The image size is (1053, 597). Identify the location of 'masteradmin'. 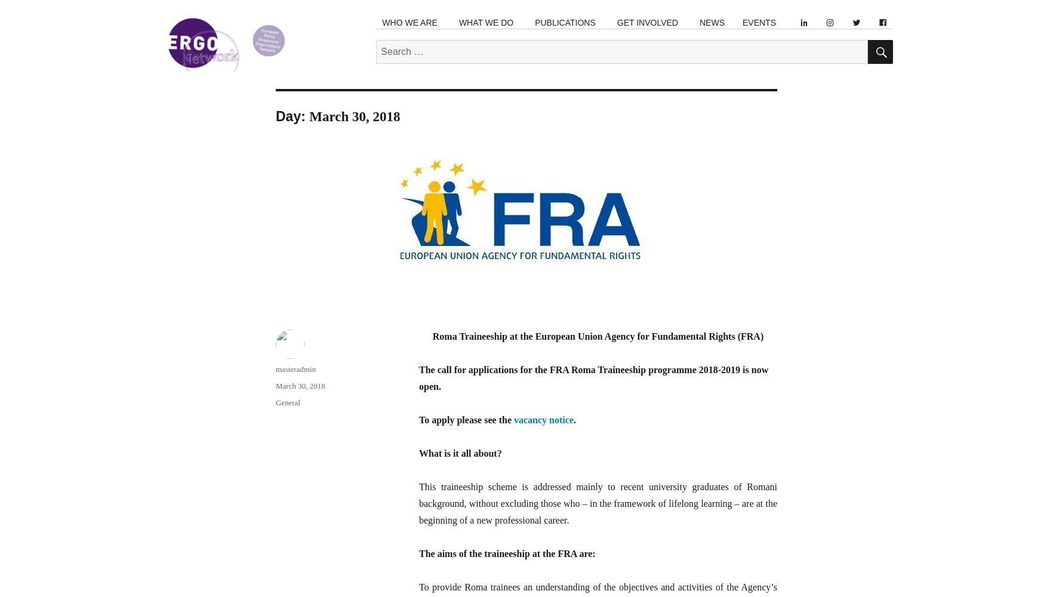
(295, 368).